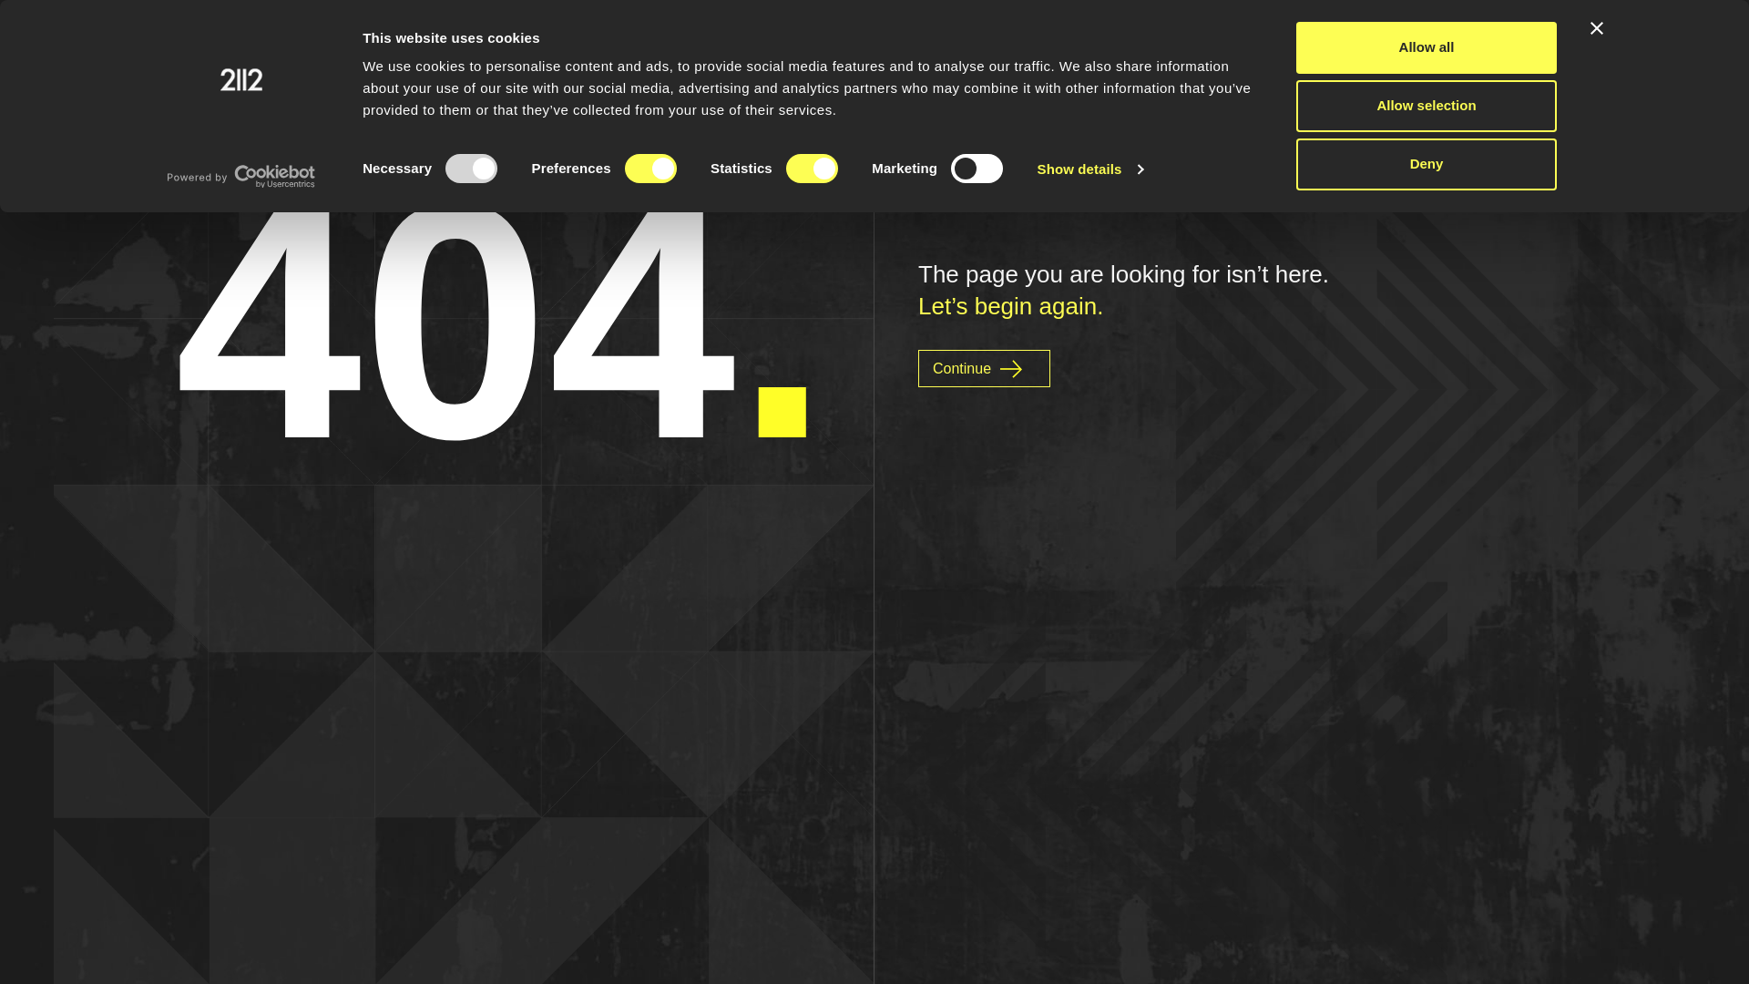  I want to click on 'Continue', so click(983, 368).